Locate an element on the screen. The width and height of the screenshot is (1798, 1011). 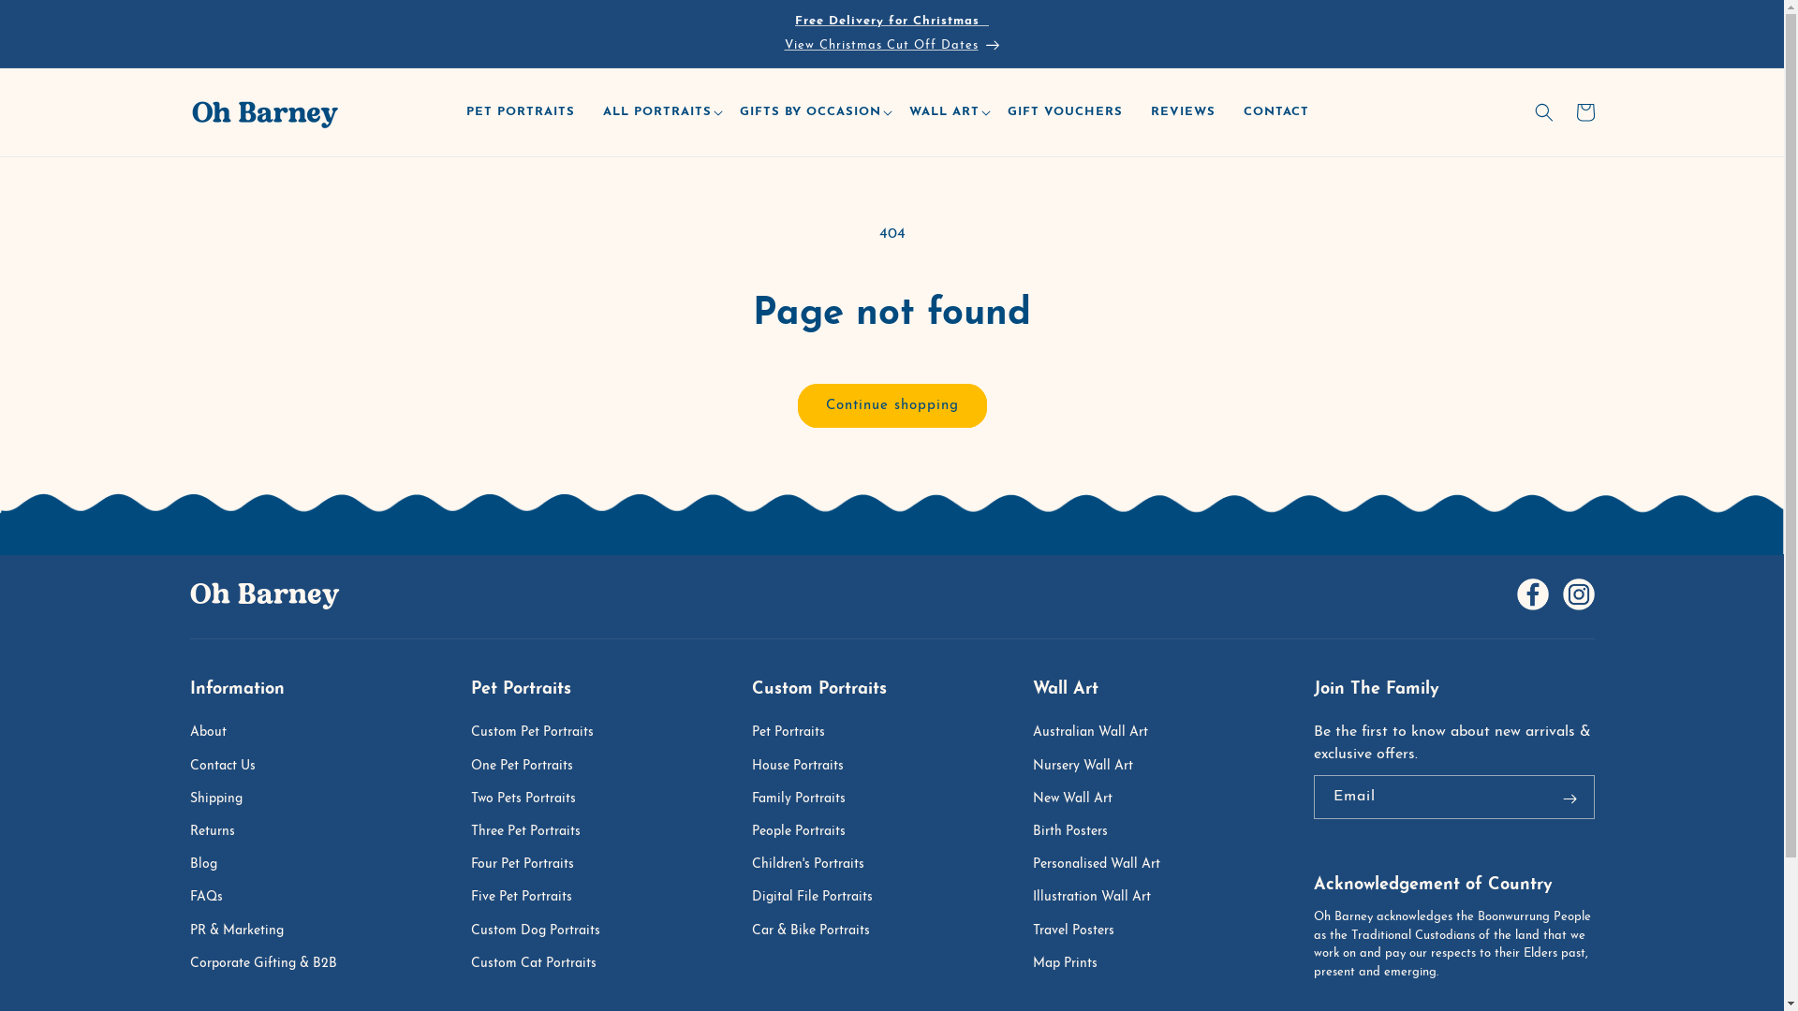
'New Wall Art' is located at coordinates (1081, 799).